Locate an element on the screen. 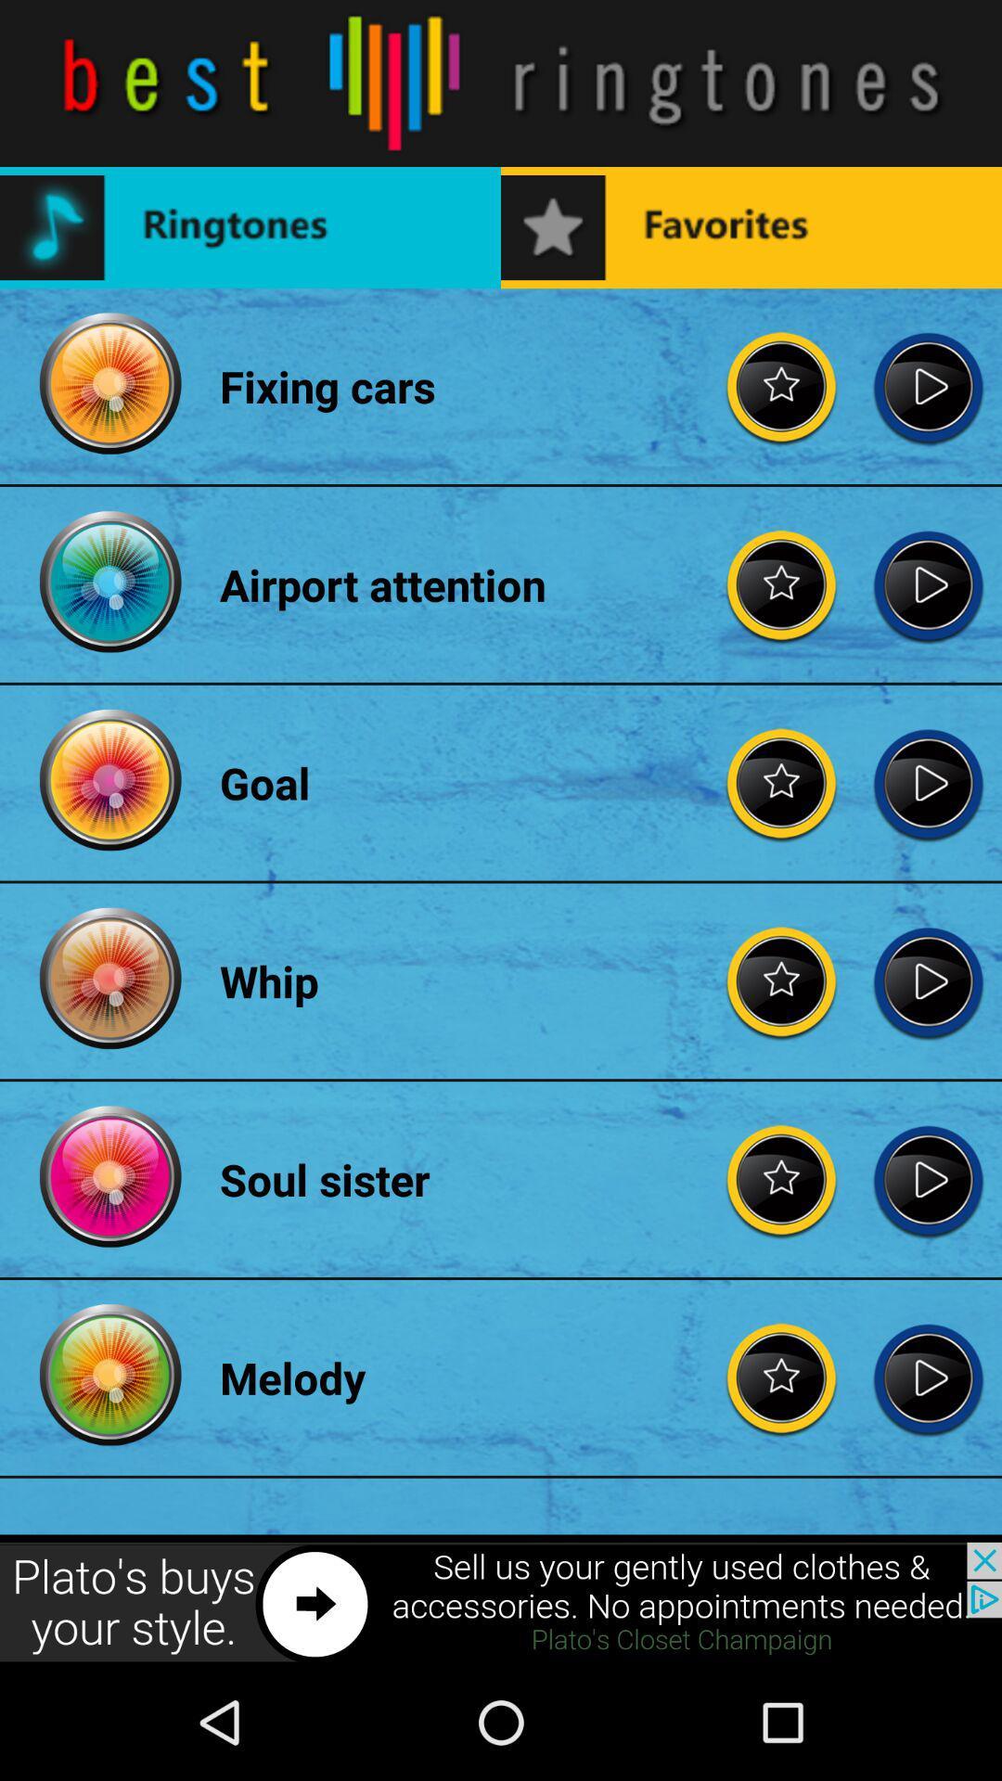 The image size is (1002, 1781). icone is located at coordinates (501, 1602).